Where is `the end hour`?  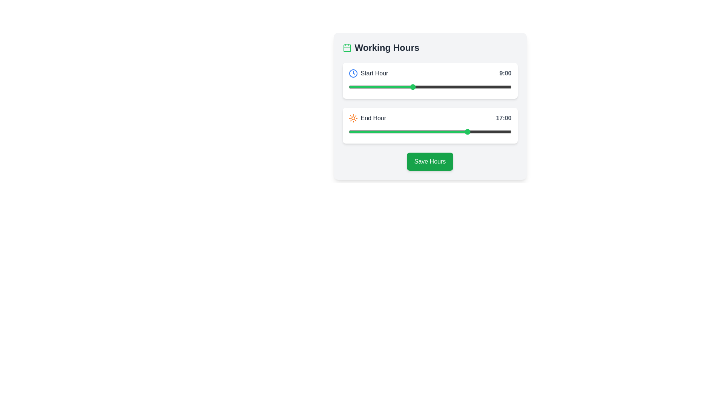 the end hour is located at coordinates (405, 132).